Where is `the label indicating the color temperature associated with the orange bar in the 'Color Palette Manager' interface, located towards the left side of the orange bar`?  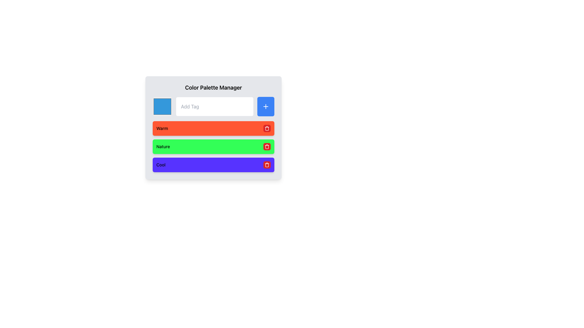 the label indicating the color temperature associated with the orange bar in the 'Color Palette Manager' interface, located towards the left side of the orange bar is located at coordinates (162, 128).